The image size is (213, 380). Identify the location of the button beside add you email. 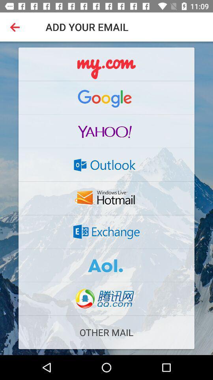
(17, 27).